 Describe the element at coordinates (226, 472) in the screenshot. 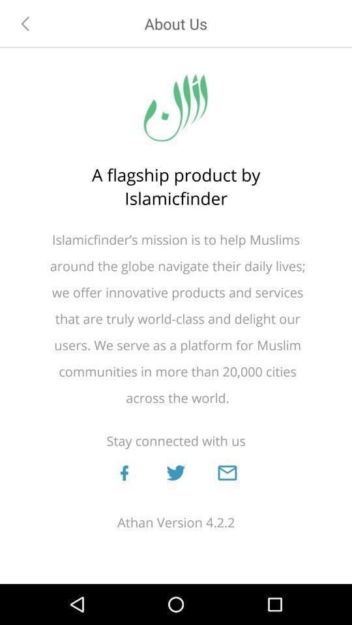

I see `share through email` at that location.